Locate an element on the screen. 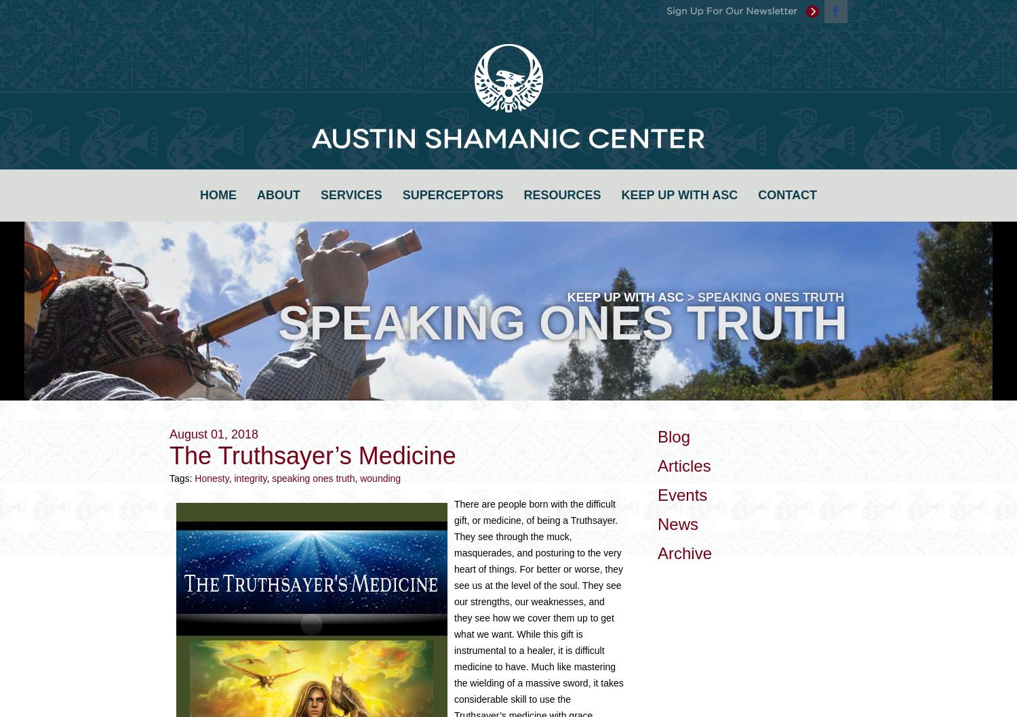  'Please fill out the following form to signup for our newsletter.' is located at coordinates (507, 131).